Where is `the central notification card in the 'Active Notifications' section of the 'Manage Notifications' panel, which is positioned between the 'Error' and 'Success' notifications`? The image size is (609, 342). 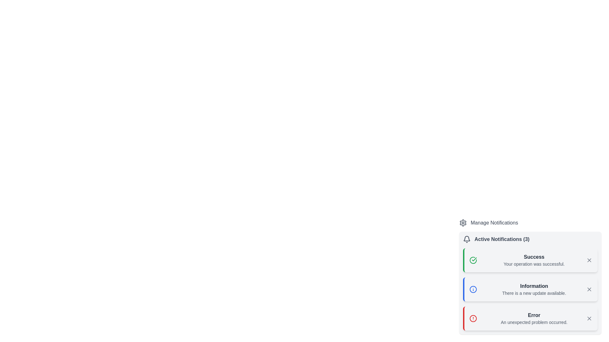
the central notification card in the 'Active Notifications' section of the 'Manage Notifications' panel, which is positioned between the 'Error' and 'Success' notifications is located at coordinates (530, 276).